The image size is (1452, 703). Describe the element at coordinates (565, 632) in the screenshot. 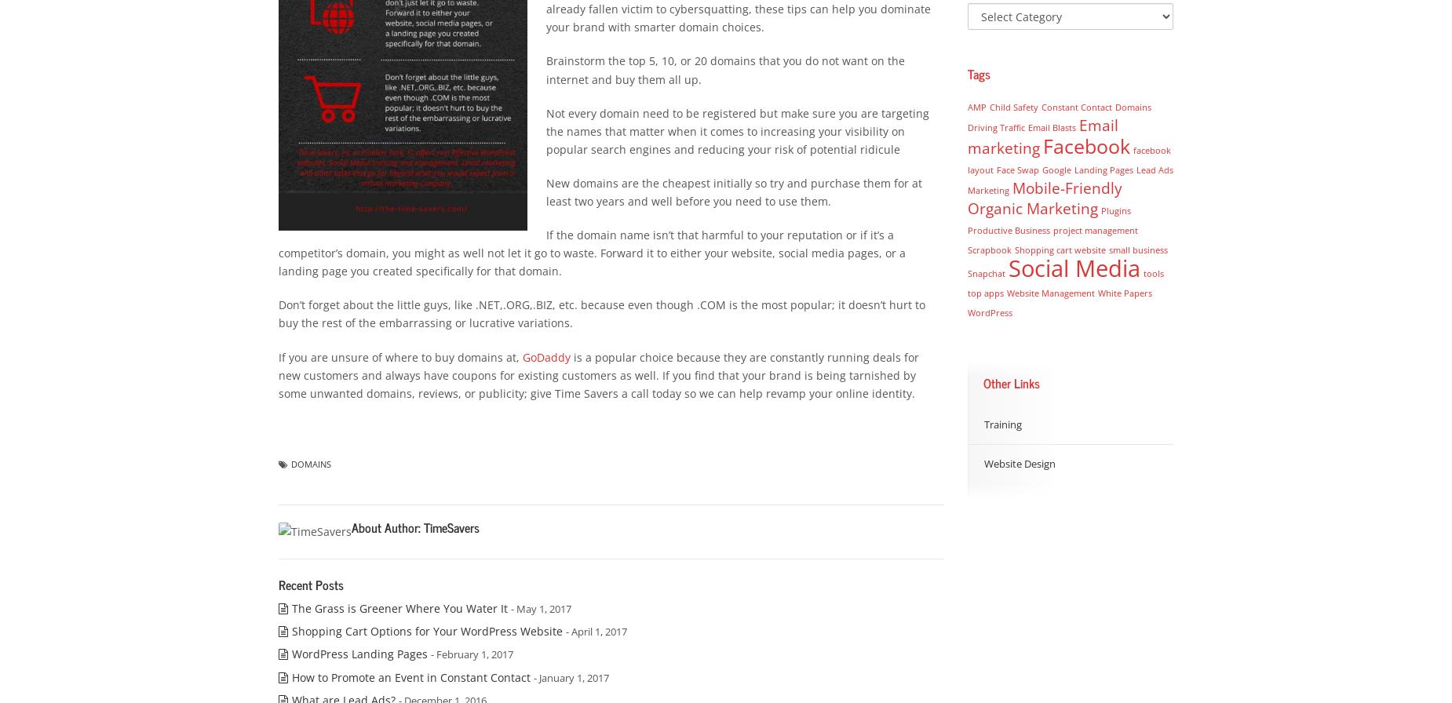

I see `'- April 1, 2017'` at that location.